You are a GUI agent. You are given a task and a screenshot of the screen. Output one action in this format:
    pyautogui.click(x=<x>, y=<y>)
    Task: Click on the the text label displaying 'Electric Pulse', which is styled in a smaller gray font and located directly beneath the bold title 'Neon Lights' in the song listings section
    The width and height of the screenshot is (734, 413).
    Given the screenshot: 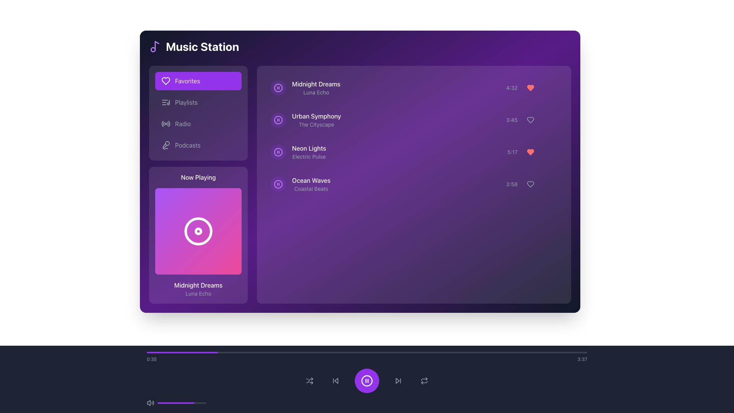 What is the action you would take?
    pyautogui.click(x=309, y=156)
    